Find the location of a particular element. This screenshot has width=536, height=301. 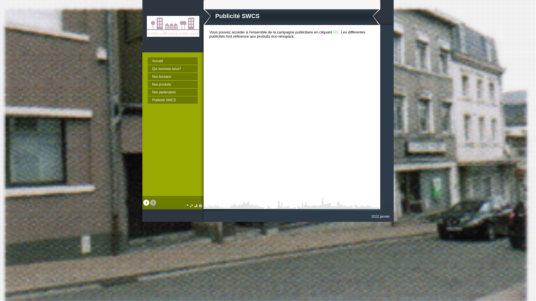

'Nos produits' is located at coordinates (147, 84).